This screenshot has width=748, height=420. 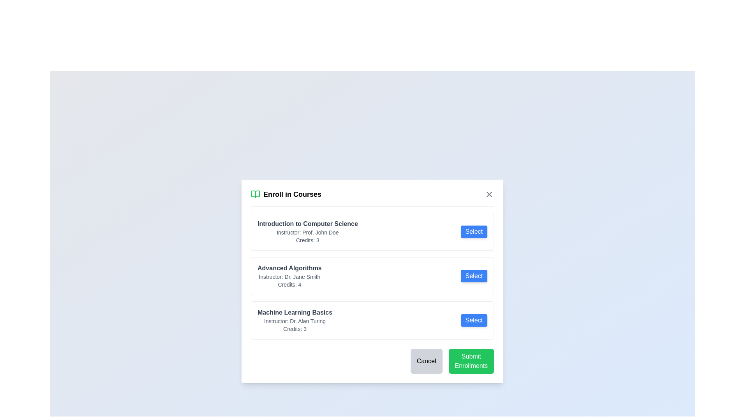 I want to click on the close icon (X) in the top-right corner of the 'Enroll in Courses' modal, so click(x=489, y=194).